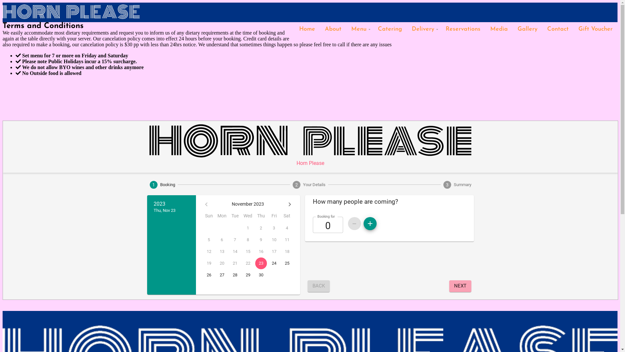  I want to click on 'Catering', so click(390, 29).